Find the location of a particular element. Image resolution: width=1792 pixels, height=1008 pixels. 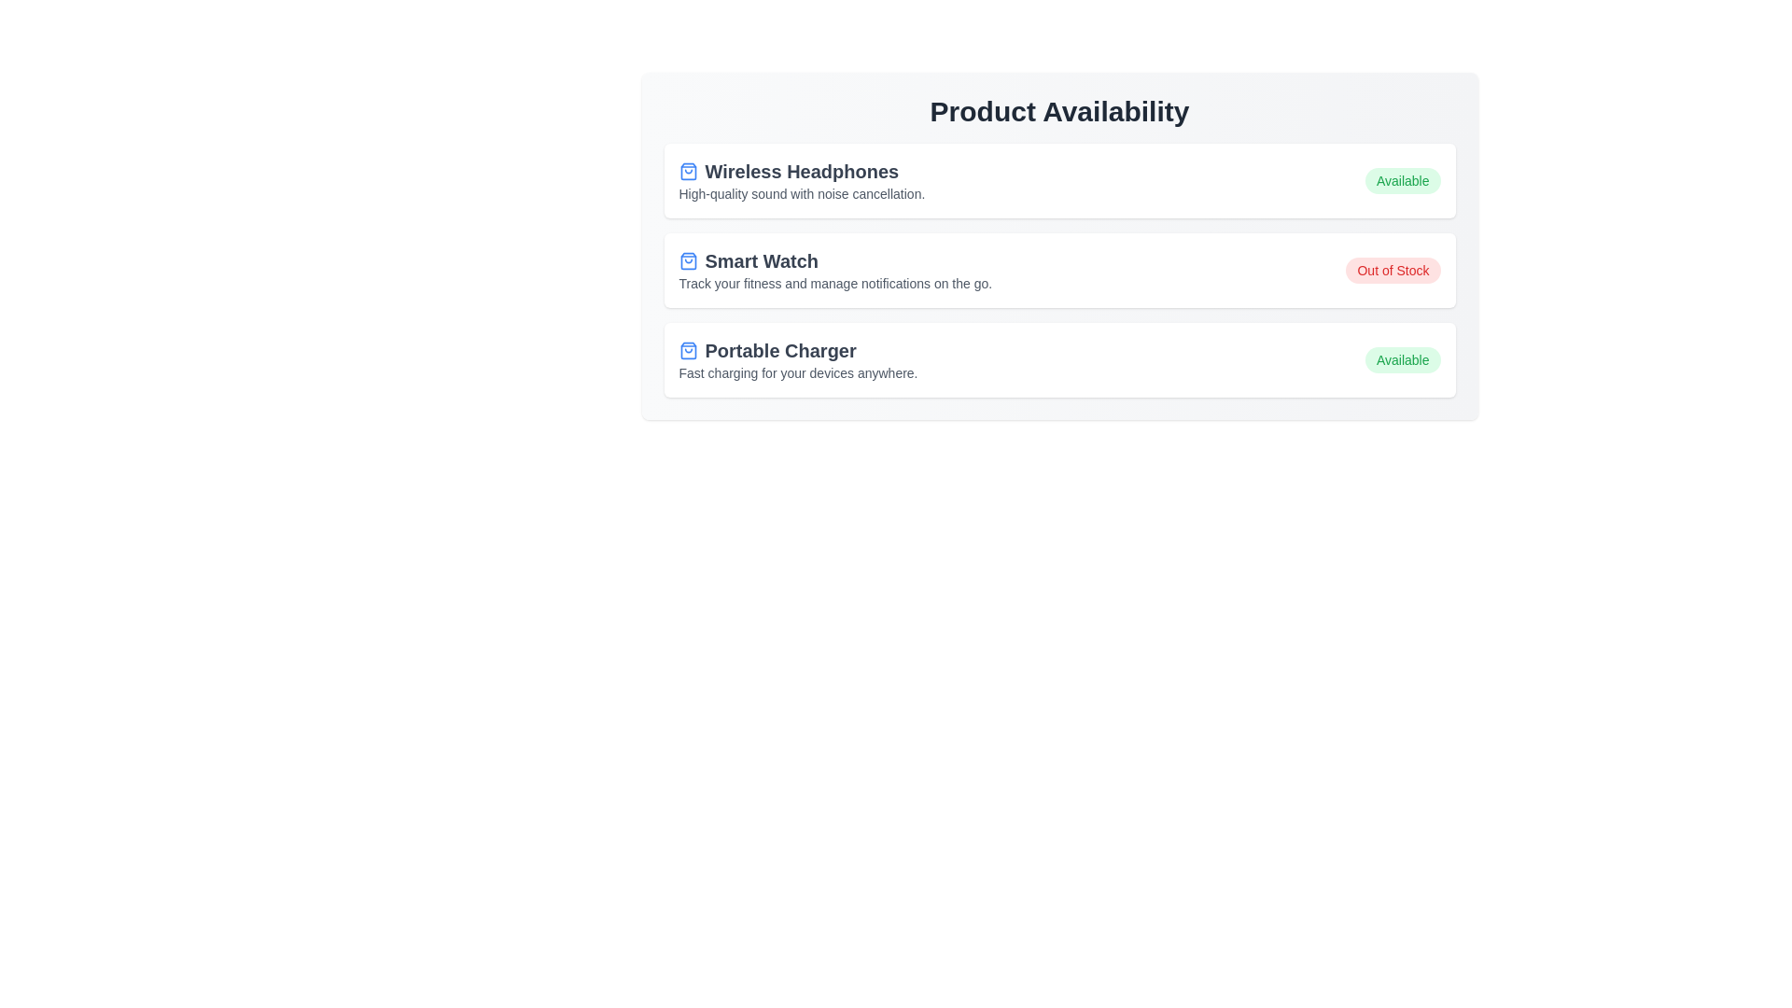

the product description for Wireless Headphones is located at coordinates (802, 180).